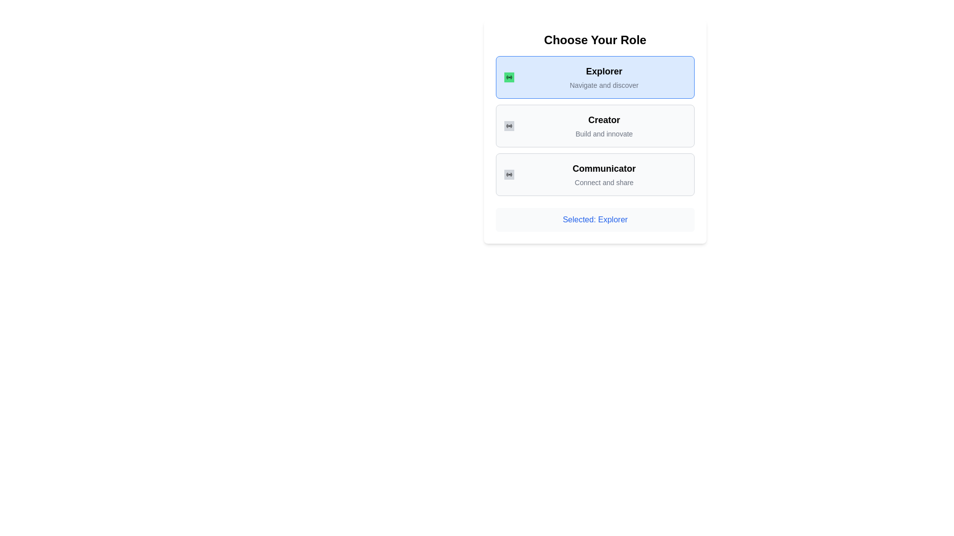 The height and width of the screenshot is (536, 954). Describe the element at coordinates (603, 85) in the screenshot. I see `text label 'Navigate and discover', which is styled in gray and located below the 'Explorer' header in the 'Choose Your Role' interface` at that location.